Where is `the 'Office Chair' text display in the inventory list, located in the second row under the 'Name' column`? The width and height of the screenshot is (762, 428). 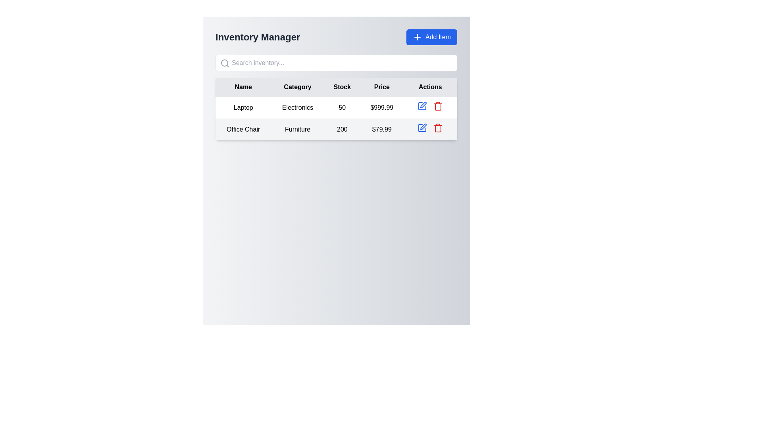 the 'Office Chair' text display in the inventory list, located in the second row under the 'Name' column is located at coordinates (243, 129).